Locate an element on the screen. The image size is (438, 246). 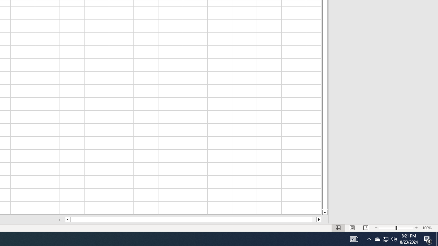
'User Promoted Notification Area' is located at coordinates (394, 238).